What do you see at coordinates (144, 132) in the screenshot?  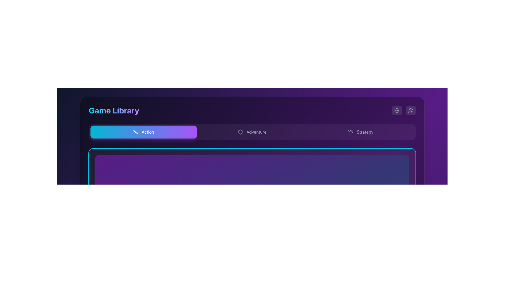 I see `the first clickable button located on the left within a horizontal list of buttons, directly under the 'Game Library' title section` at bounding box center [144, 132].